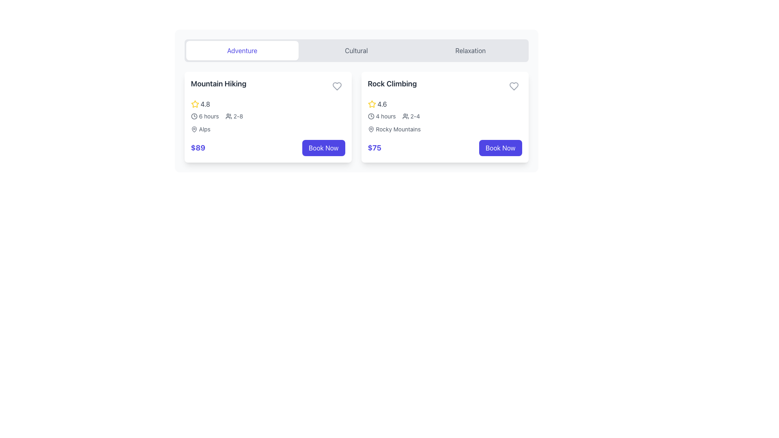 The height and width of the screenshot is (438, 779). I want to click on the hollow heart icon located in the top-right corner of the 'Rock Climbing' card, so click(513, 86).